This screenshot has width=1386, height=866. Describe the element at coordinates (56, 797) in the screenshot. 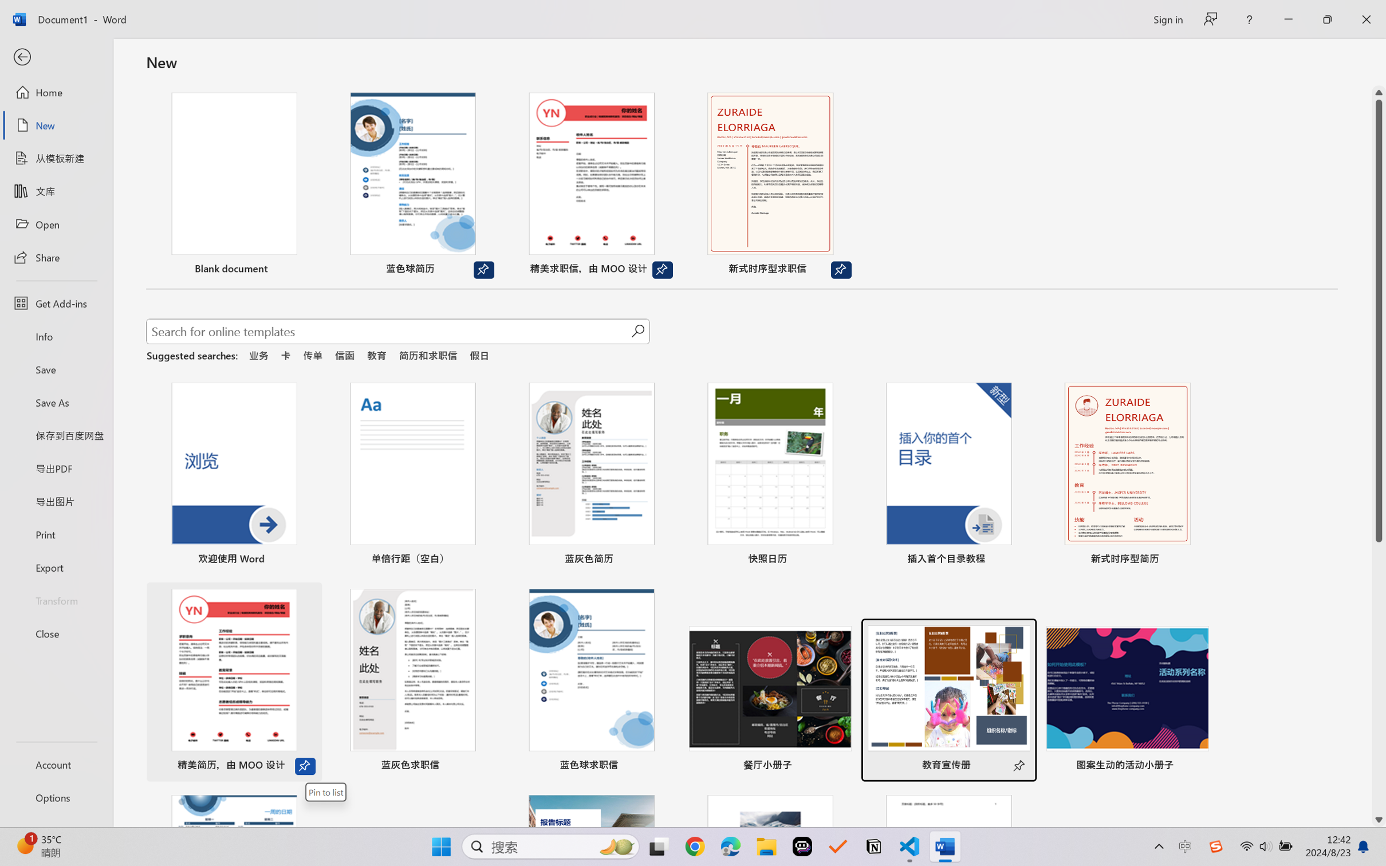

I see `'Options'` at that location.